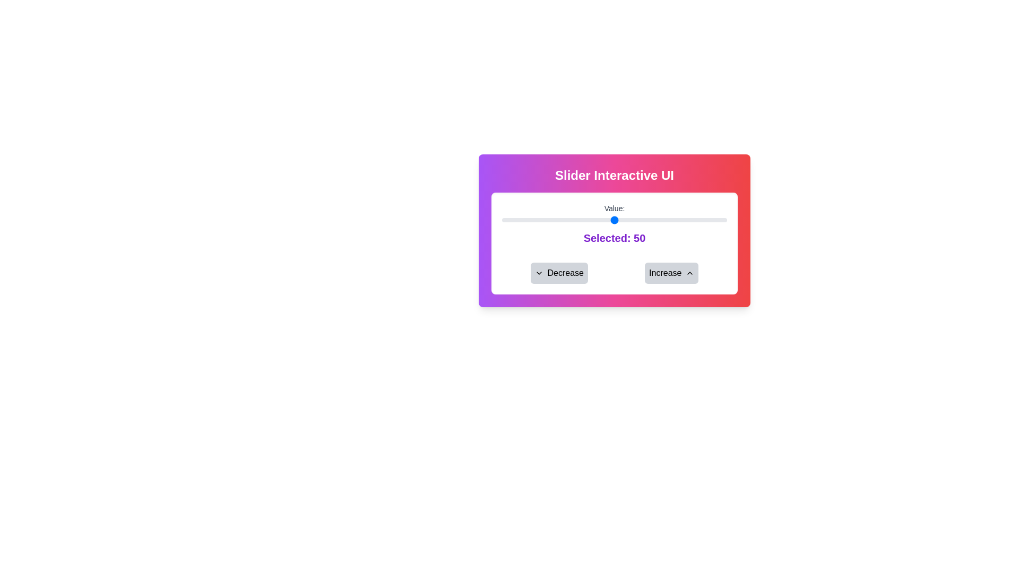 The image size is (1019, 573). Describe the element at coordinates (614, 237) in the screenshot. I see `the text label displaying 'Selected: 50', which is styled with larger, bold, purple text and located within a white, rounded-corner box, centered below the 'Value:' slider` at that location.